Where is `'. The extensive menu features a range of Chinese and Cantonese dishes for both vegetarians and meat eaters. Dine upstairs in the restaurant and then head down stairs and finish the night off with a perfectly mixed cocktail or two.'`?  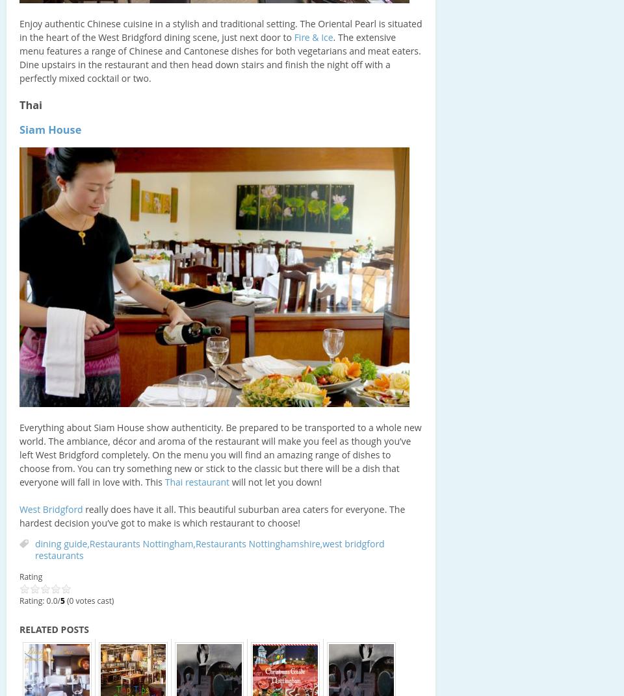
'. The extensive menu features a range of Chinese and Cantonese dishes for both vegetarians and meat eaters. Dine upstairs in the restaurant and then head down stairs and finish the night off with a perfectly mixed cocktail or two.' is located at coordinates (220, 57).